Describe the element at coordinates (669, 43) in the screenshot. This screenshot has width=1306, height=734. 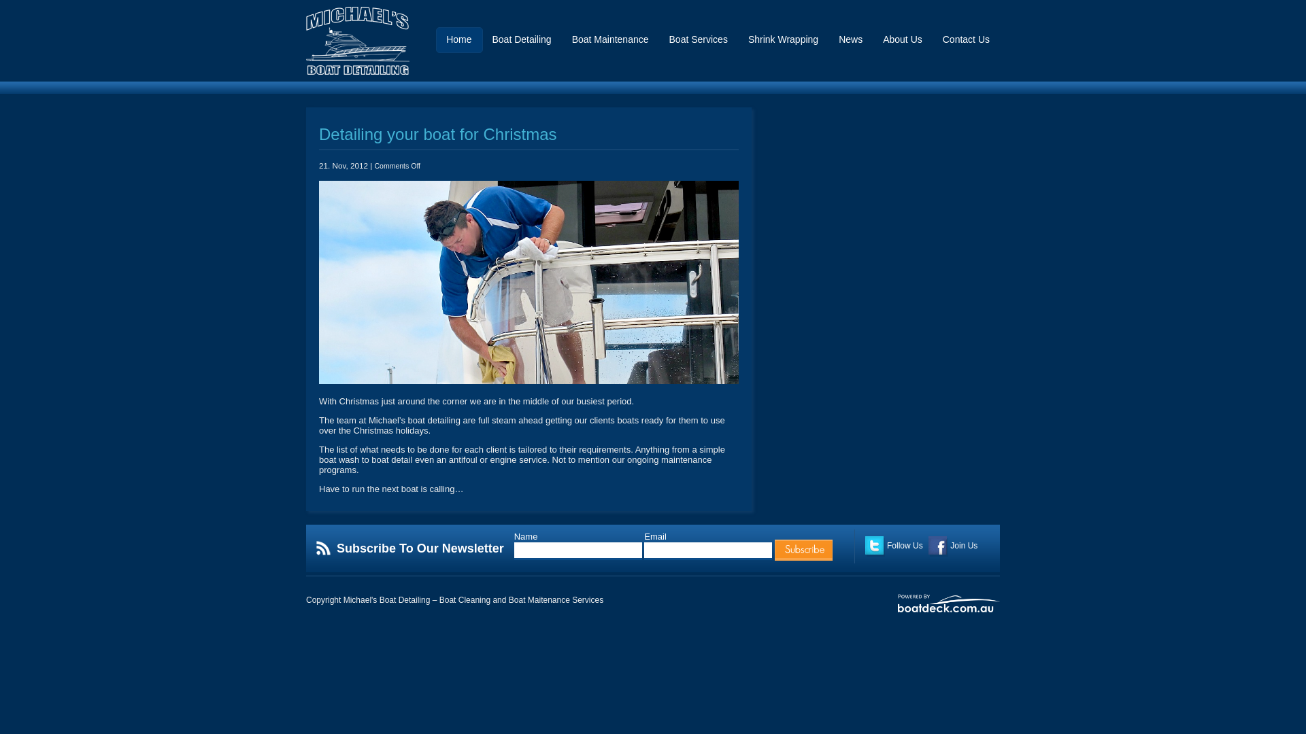
I see `'Boat Services'` at that location.